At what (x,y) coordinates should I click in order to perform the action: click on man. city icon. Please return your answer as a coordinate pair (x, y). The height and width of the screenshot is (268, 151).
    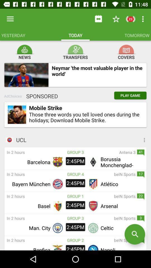
    Looking at the image, I should click on (29, 228).